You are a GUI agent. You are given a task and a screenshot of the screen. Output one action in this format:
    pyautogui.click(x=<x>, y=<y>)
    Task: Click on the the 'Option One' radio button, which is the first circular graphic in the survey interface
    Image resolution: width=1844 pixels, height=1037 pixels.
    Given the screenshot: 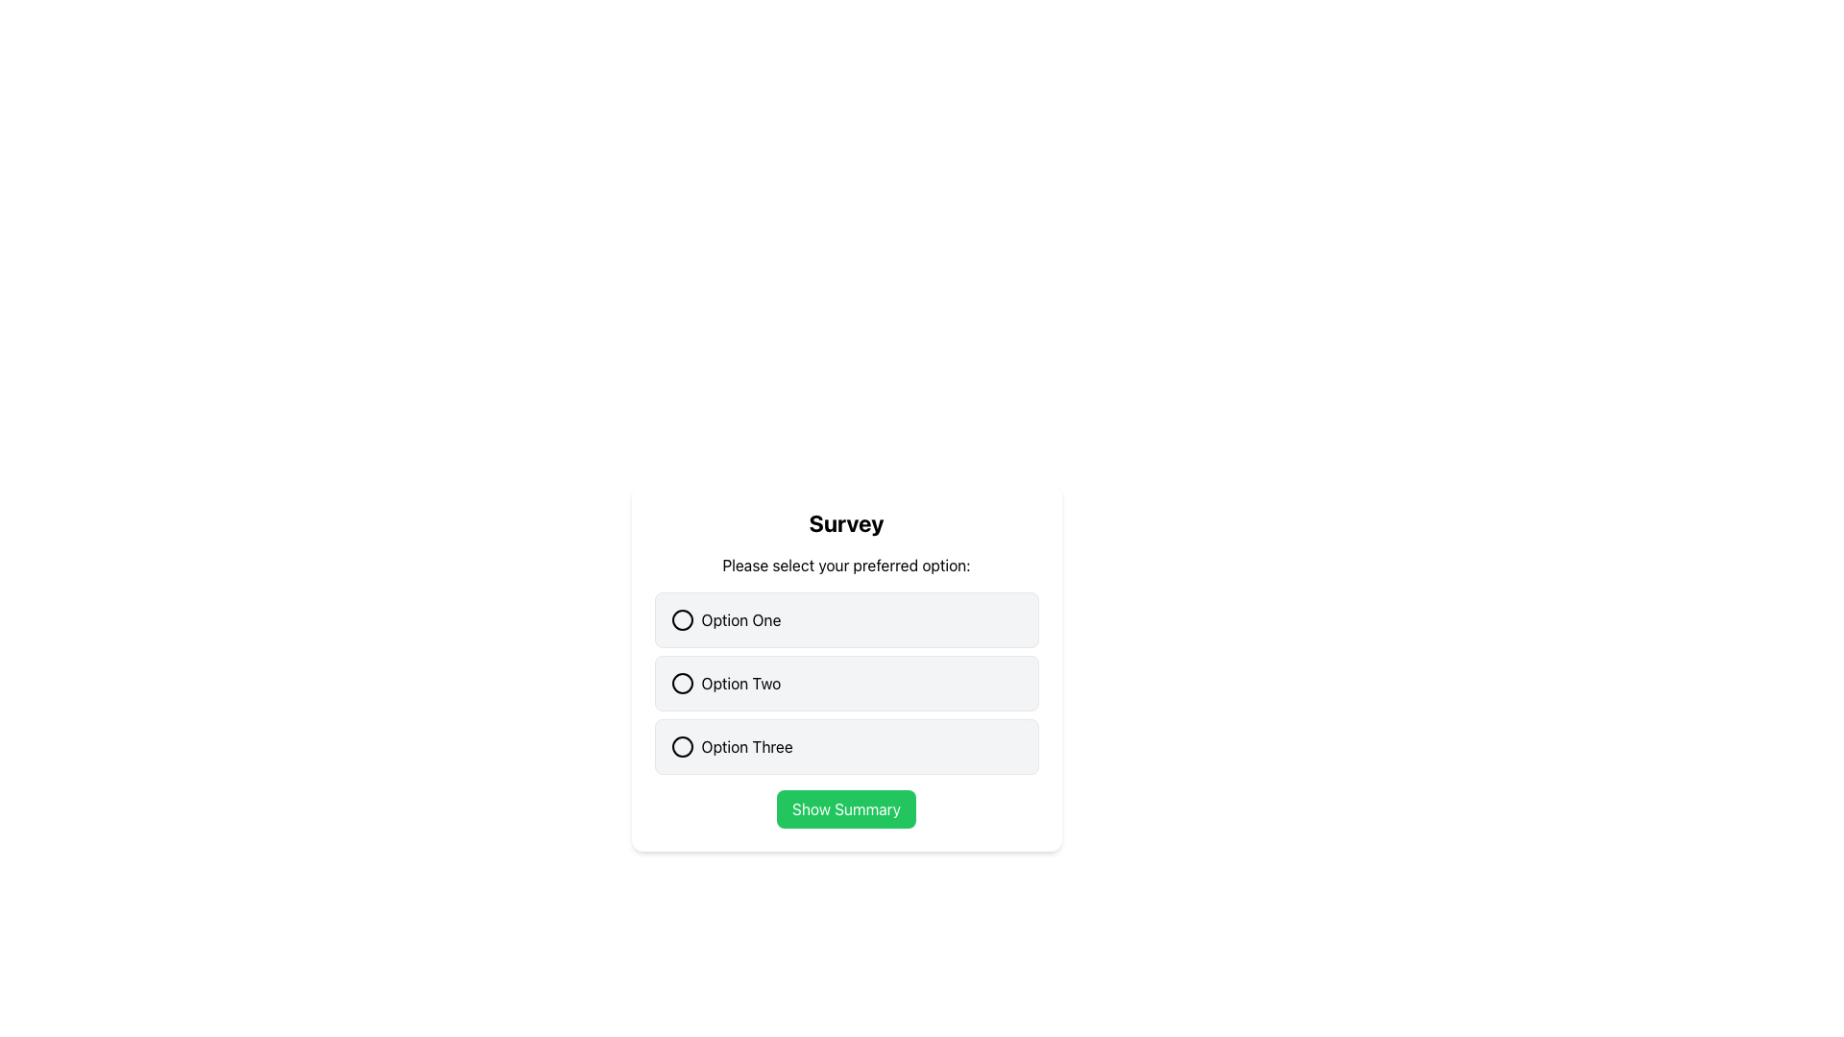 What is the action you would take?
    pyautogui.click(x=682, y=619)
    